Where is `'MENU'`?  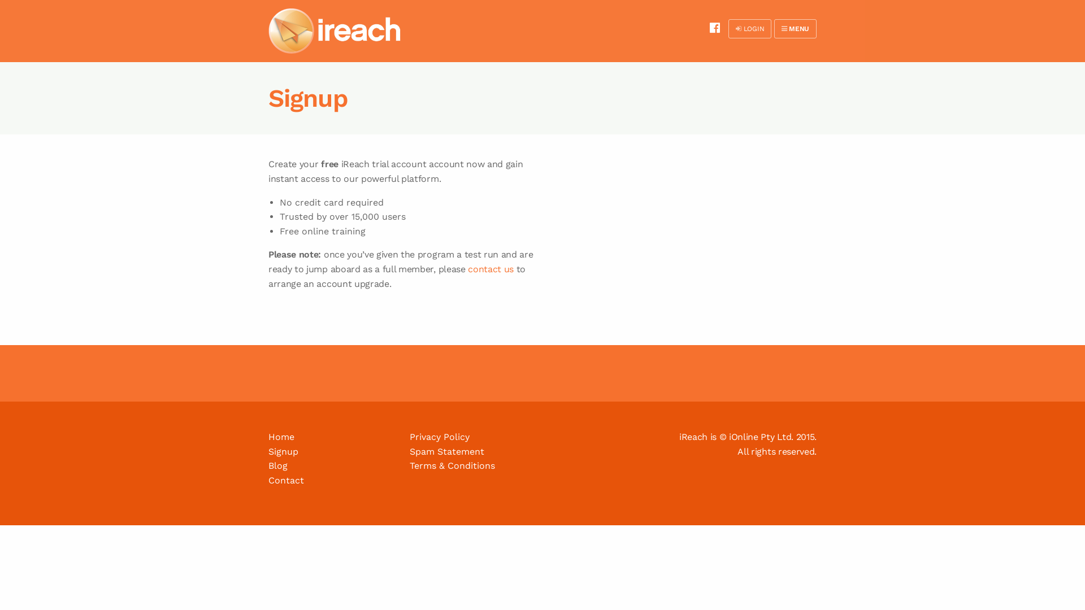 'MENU' is located at coordinates (795, 28).